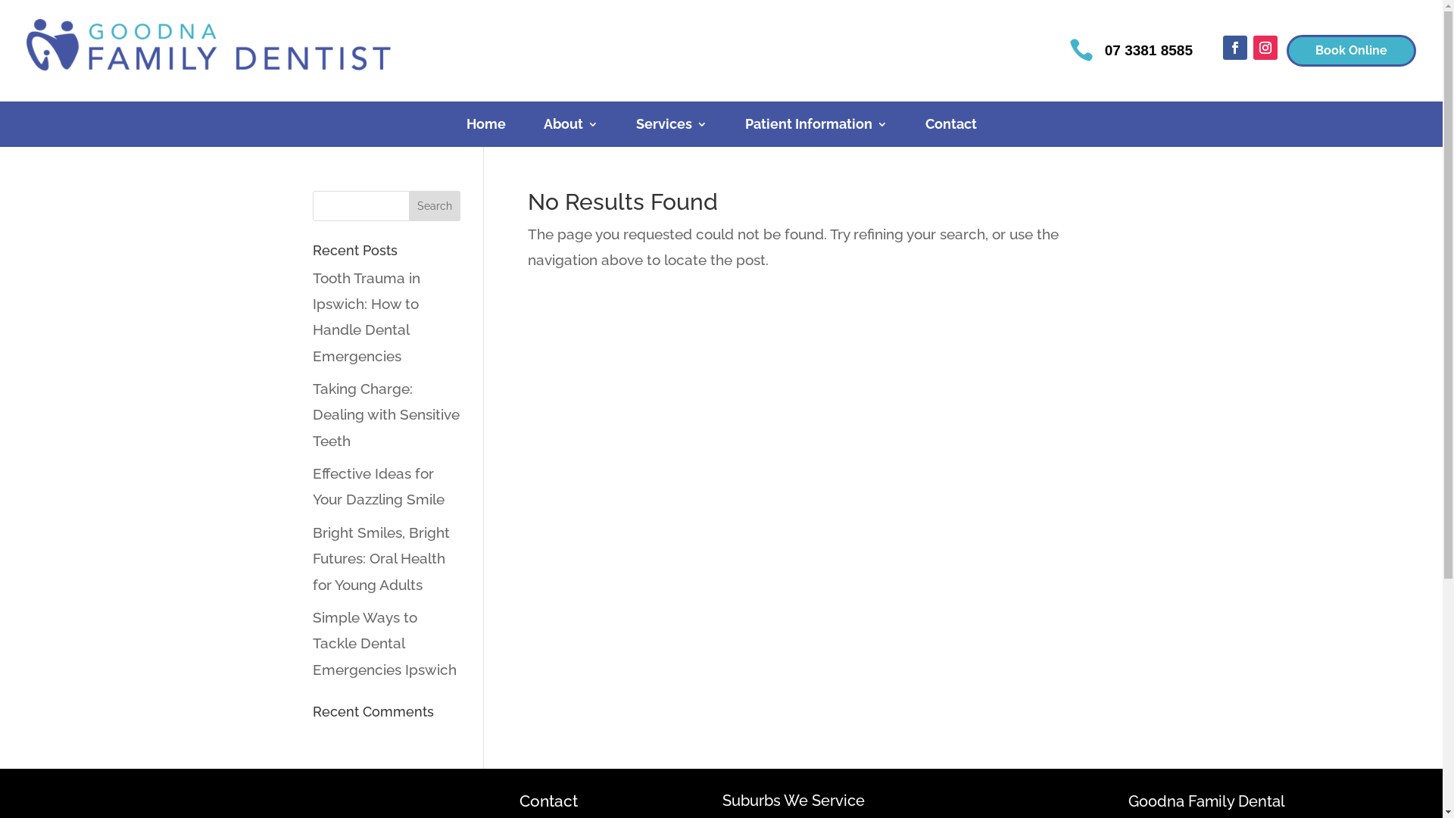  Describe the element at coordinates (311, 557) in the screenshot. I see `'Bright Smiles, Bright Futures: Oral Health for Young Adults'` at that location.